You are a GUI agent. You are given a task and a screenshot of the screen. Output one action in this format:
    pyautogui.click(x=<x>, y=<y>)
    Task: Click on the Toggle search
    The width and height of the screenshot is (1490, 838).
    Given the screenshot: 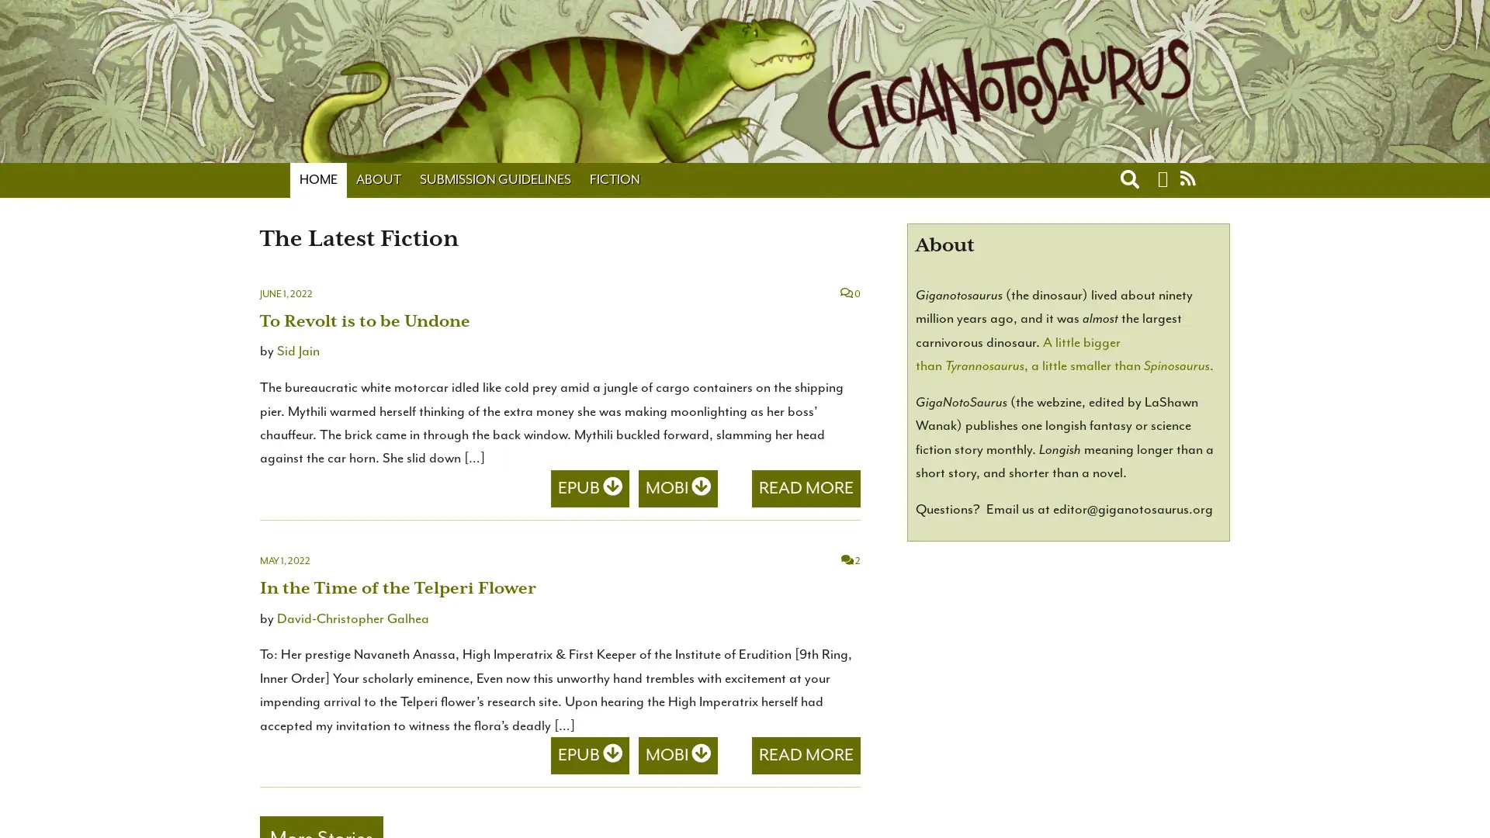 What is the action you would take?
    pyautogui.click(x=1121, y=178)
    